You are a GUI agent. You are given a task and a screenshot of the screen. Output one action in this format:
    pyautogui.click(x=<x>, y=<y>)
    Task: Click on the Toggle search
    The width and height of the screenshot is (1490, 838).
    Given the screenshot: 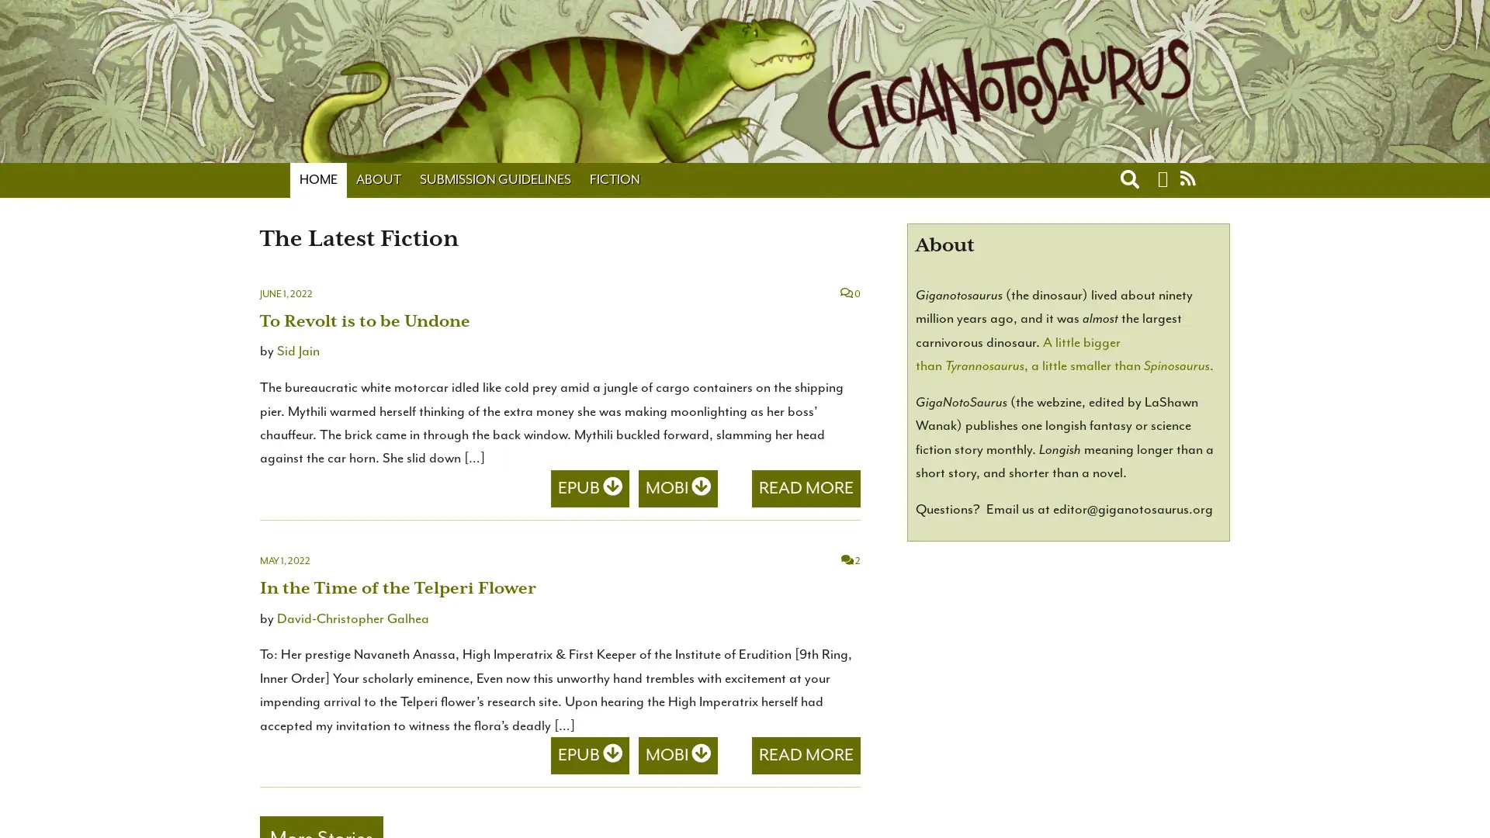 What is the action you would take?
    pyautogui.click(x=1121, y=178)
    